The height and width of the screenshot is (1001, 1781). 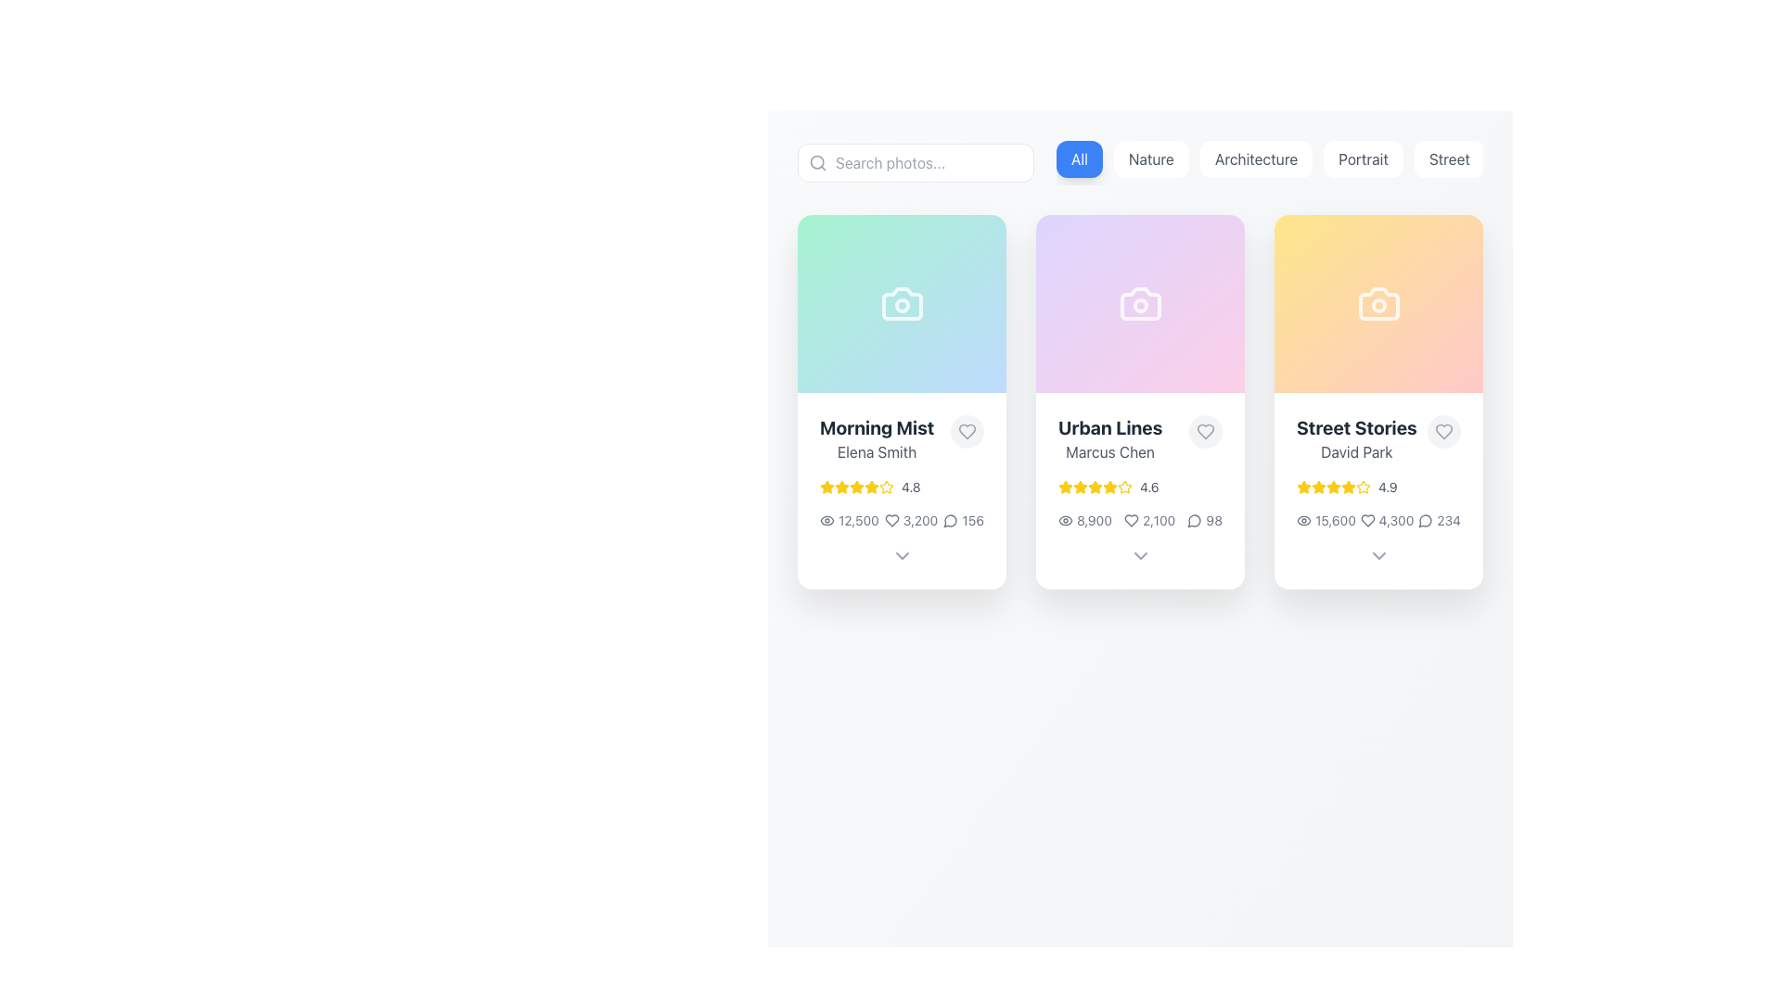 I want to click on the search bar located in the top-left section of the layout to focus on the input area, so click(x=916, y=162).